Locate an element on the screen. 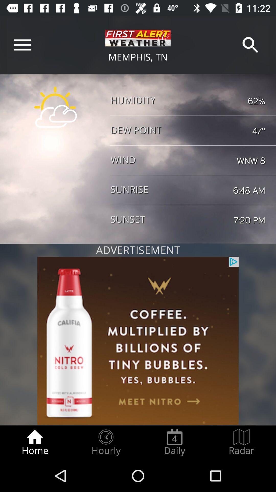 This screenshot has width=276, height=492. daily icon is located at coordinates (174, 442).